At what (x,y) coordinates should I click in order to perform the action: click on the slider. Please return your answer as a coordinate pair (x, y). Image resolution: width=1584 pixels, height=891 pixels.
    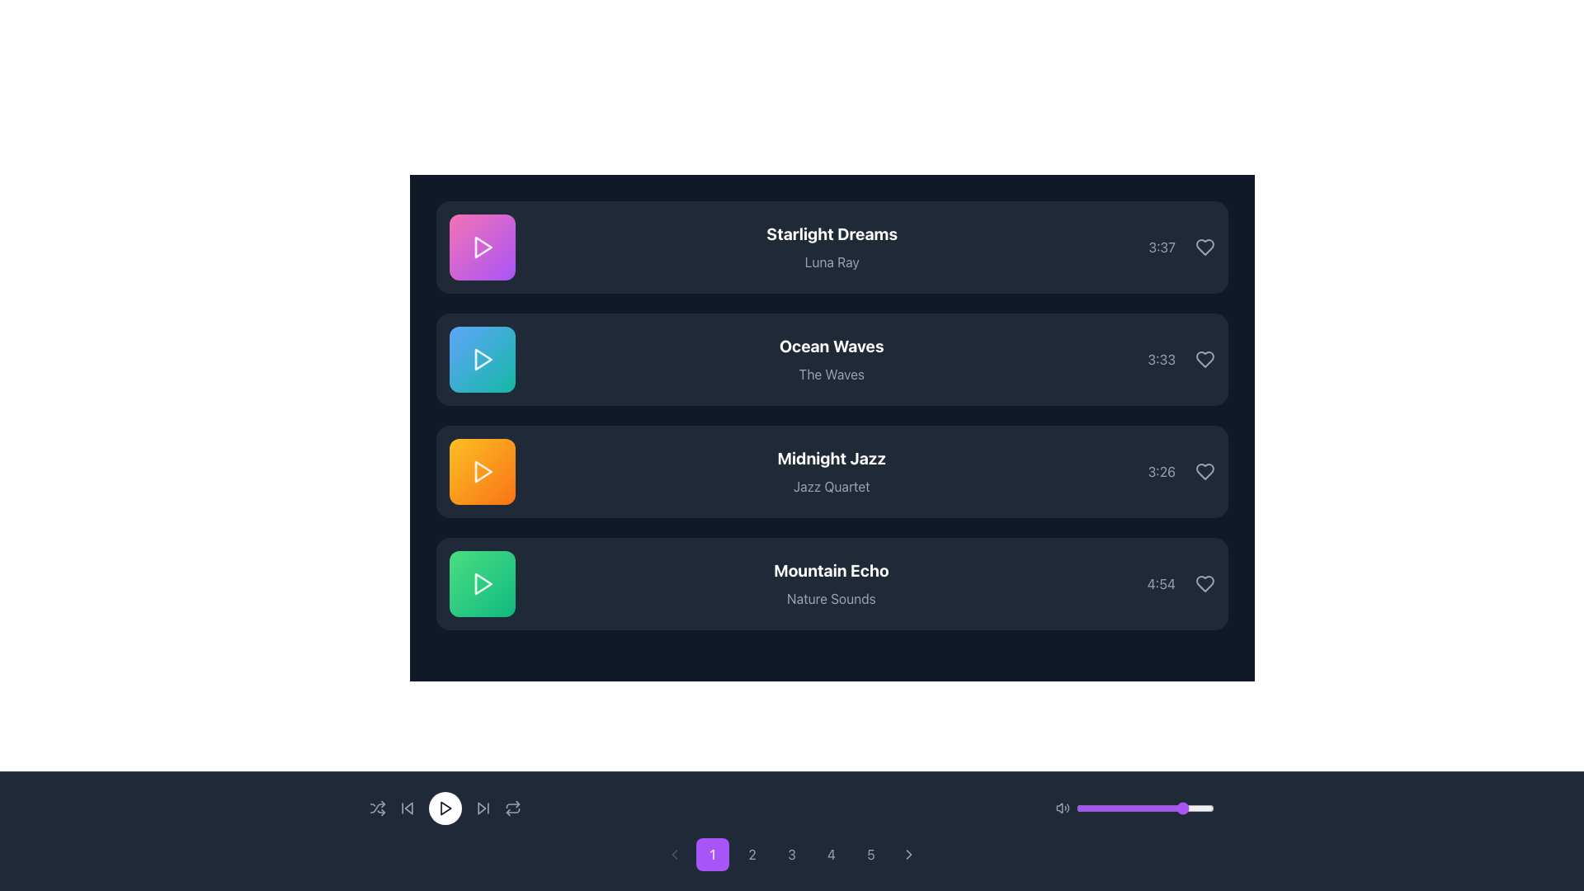
    Looking at the image, I should click on (1157, 807).